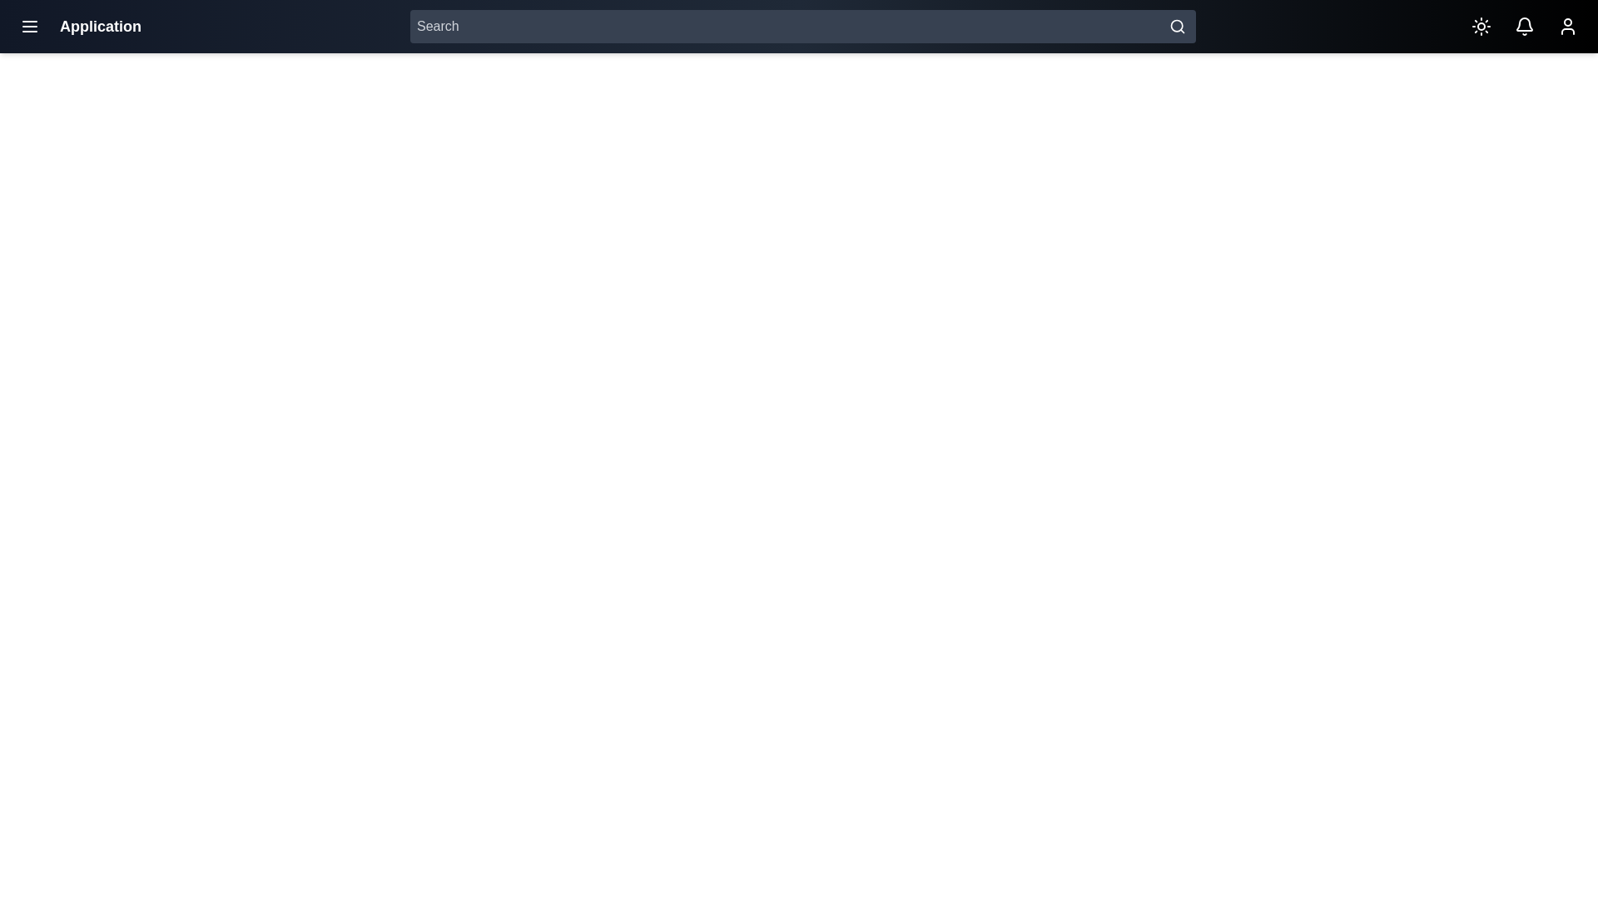  I want to click on the user icon to access the user profile, so click(1566, 26).